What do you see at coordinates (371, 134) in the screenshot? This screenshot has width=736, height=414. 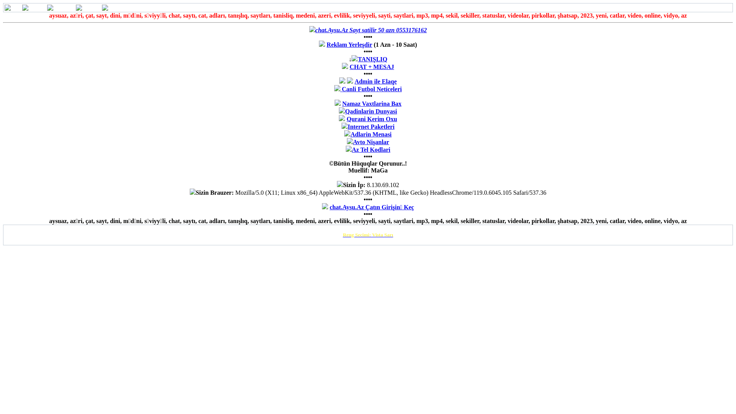 I see `'Adlarin Menasi'` at bounding box center [371, 134].